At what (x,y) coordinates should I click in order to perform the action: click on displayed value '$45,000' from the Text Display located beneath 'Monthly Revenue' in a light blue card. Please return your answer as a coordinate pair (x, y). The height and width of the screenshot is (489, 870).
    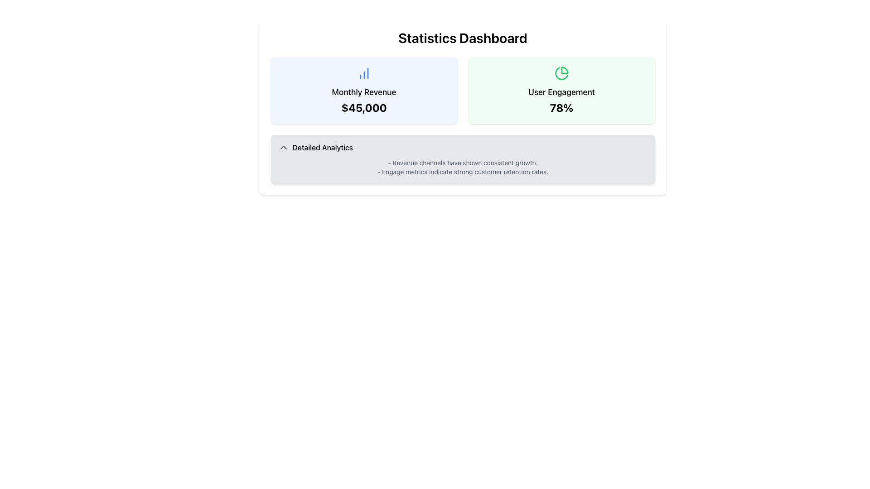
    Looking at the image, I should click on (364, 107).